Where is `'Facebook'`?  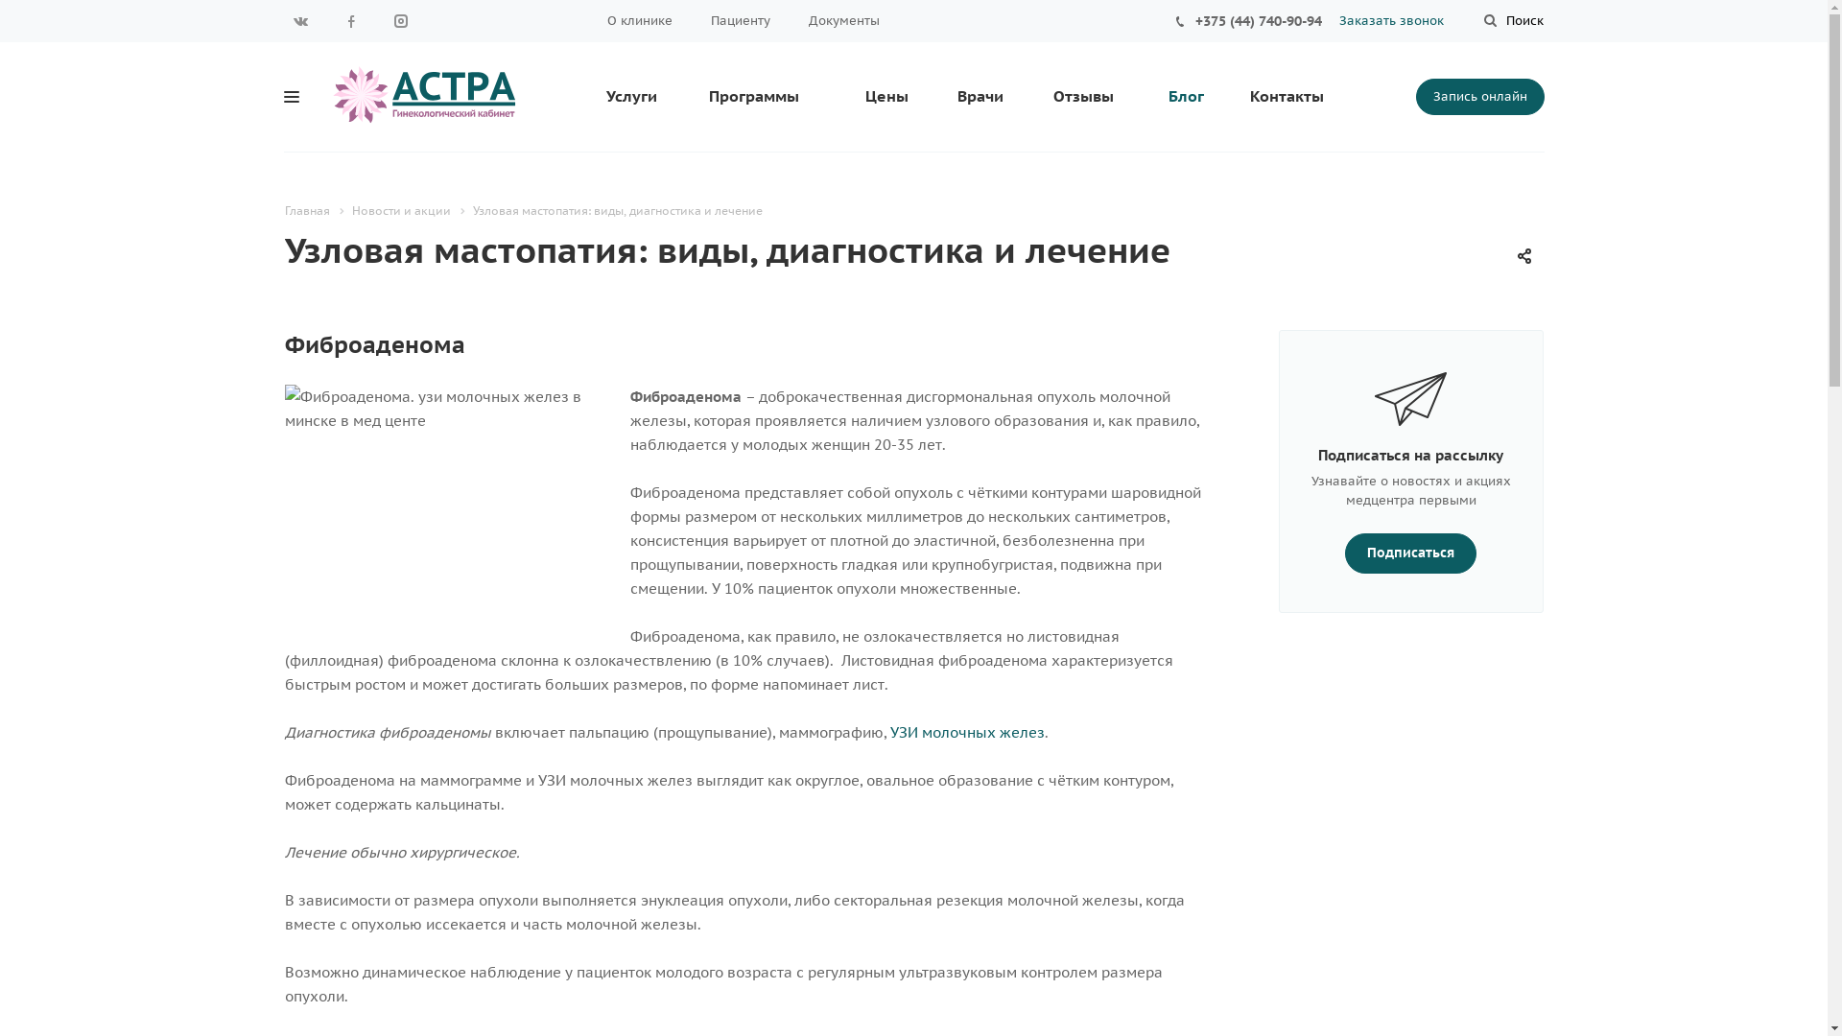 'Facebook' is located at coordinates (349, 21).